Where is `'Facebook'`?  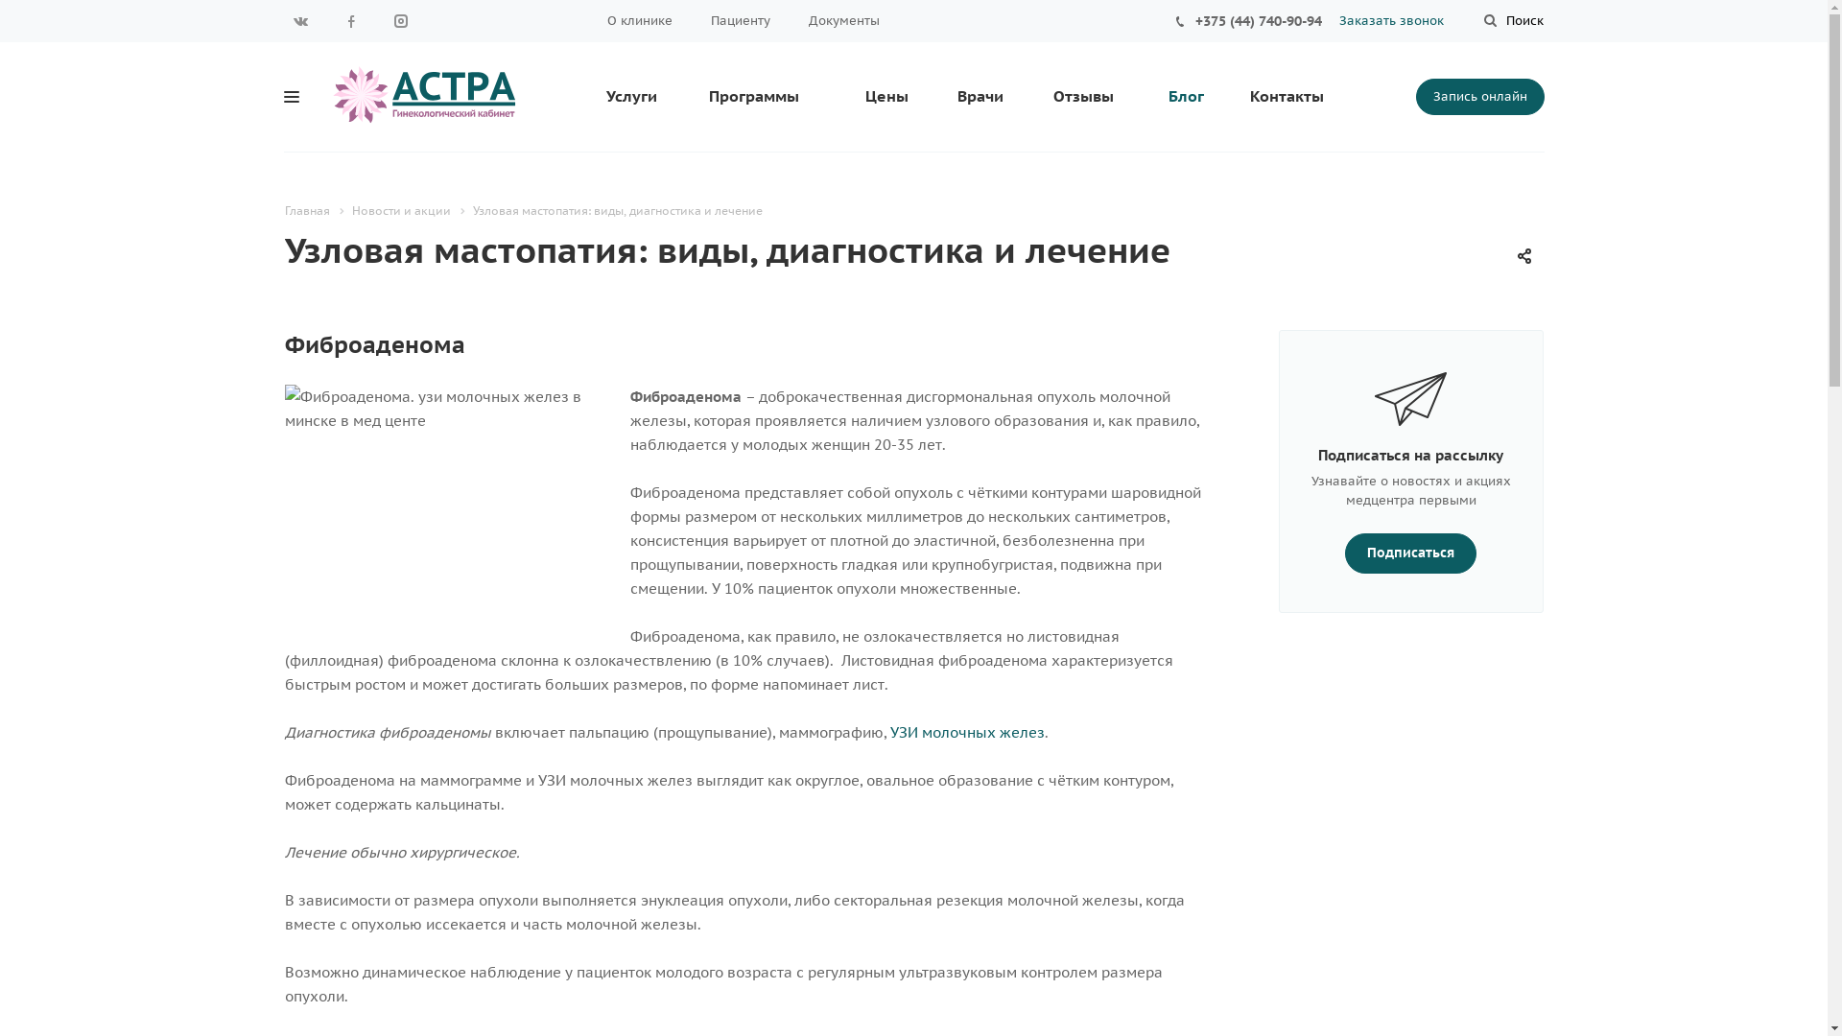 'Facebook' is located at coordinates (349, 21).